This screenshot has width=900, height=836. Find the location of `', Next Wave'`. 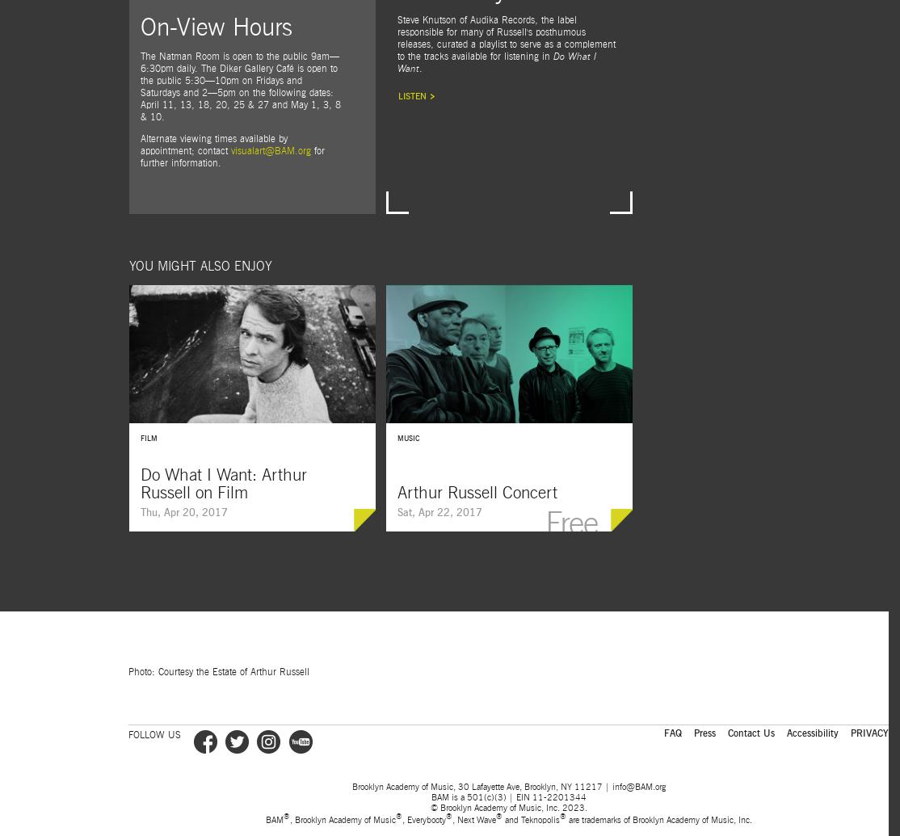

', Next Wave' is located at coordinates (473, 818).